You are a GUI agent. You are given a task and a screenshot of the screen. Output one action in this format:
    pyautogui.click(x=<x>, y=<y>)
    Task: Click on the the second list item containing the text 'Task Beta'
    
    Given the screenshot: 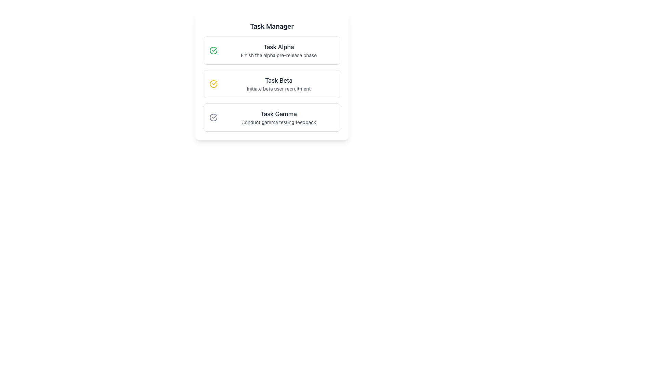 What is the action you would take?
    pyautogui.click(x=279, y=84)
    